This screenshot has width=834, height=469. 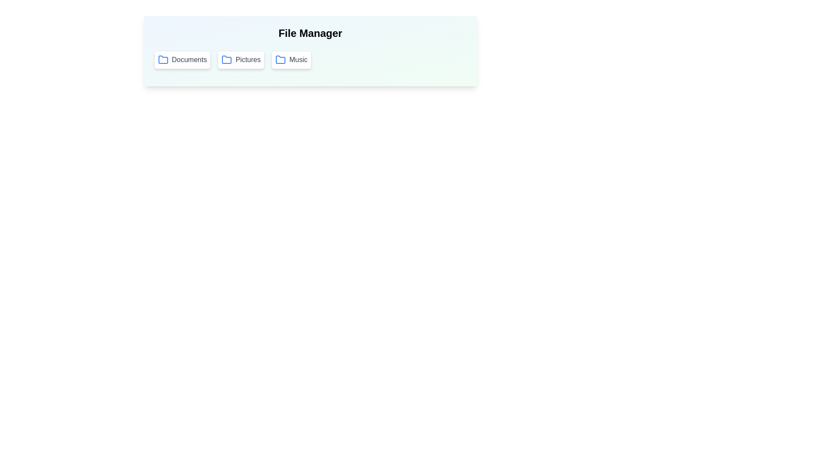 I want to click on the folder button labeled Documents, so click(x=182, y=59).